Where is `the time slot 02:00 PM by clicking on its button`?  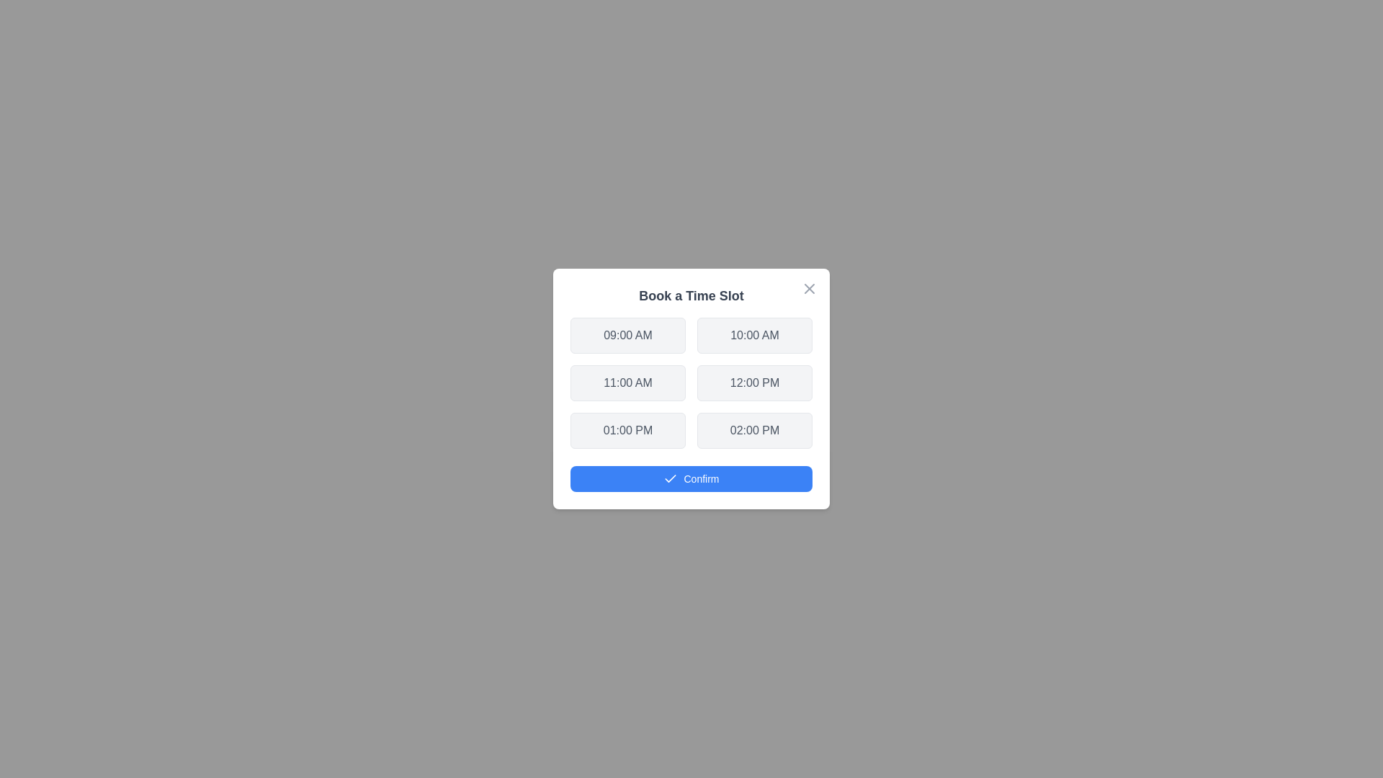 the time slot 02:00 PM by clicking on its button is located at coordinates (753, 429).